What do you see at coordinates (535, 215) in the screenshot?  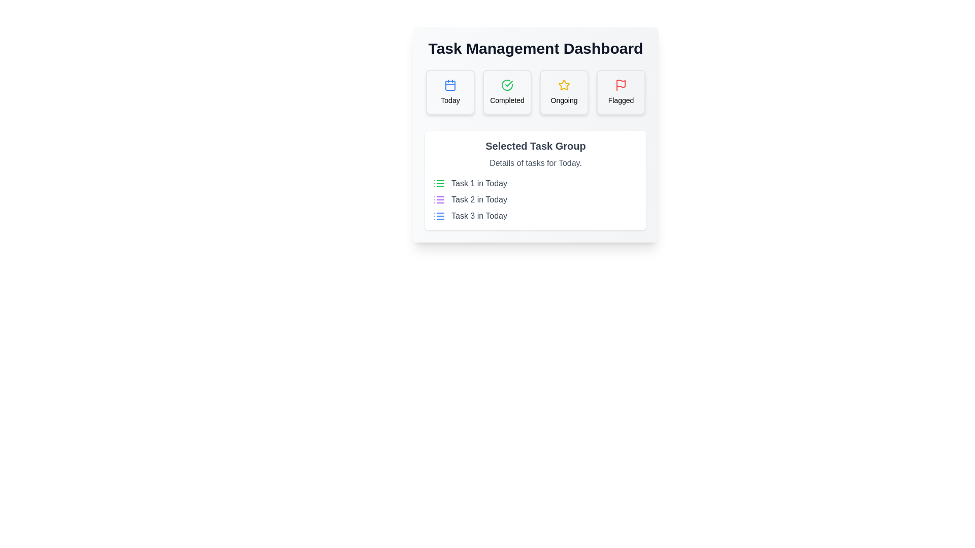 I see `the list item labeled 'Task 3 in Today'` at bounding box center [535, 215].